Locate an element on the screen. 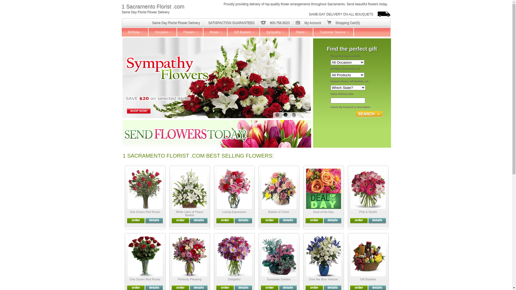 This screenshot has height=290, width=516. 'Search' is located at coordinates (369, 114).